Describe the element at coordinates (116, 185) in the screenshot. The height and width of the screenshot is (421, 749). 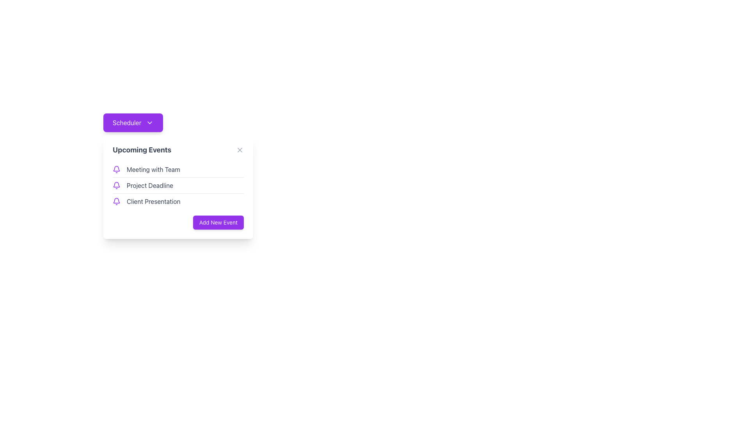
I see `the bell icon representing a notification for the 'Project Deadline' event, which is the second item in a vertical list of upcoming events` at that location.